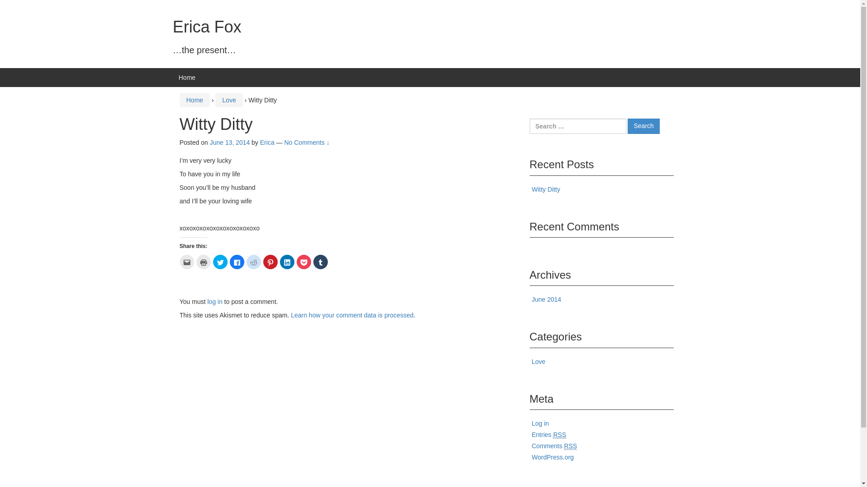  What do you see at coordinates (545, 189) in the screenshot?
I see `'Witty Ditty'` at bounding box center [545, 189].